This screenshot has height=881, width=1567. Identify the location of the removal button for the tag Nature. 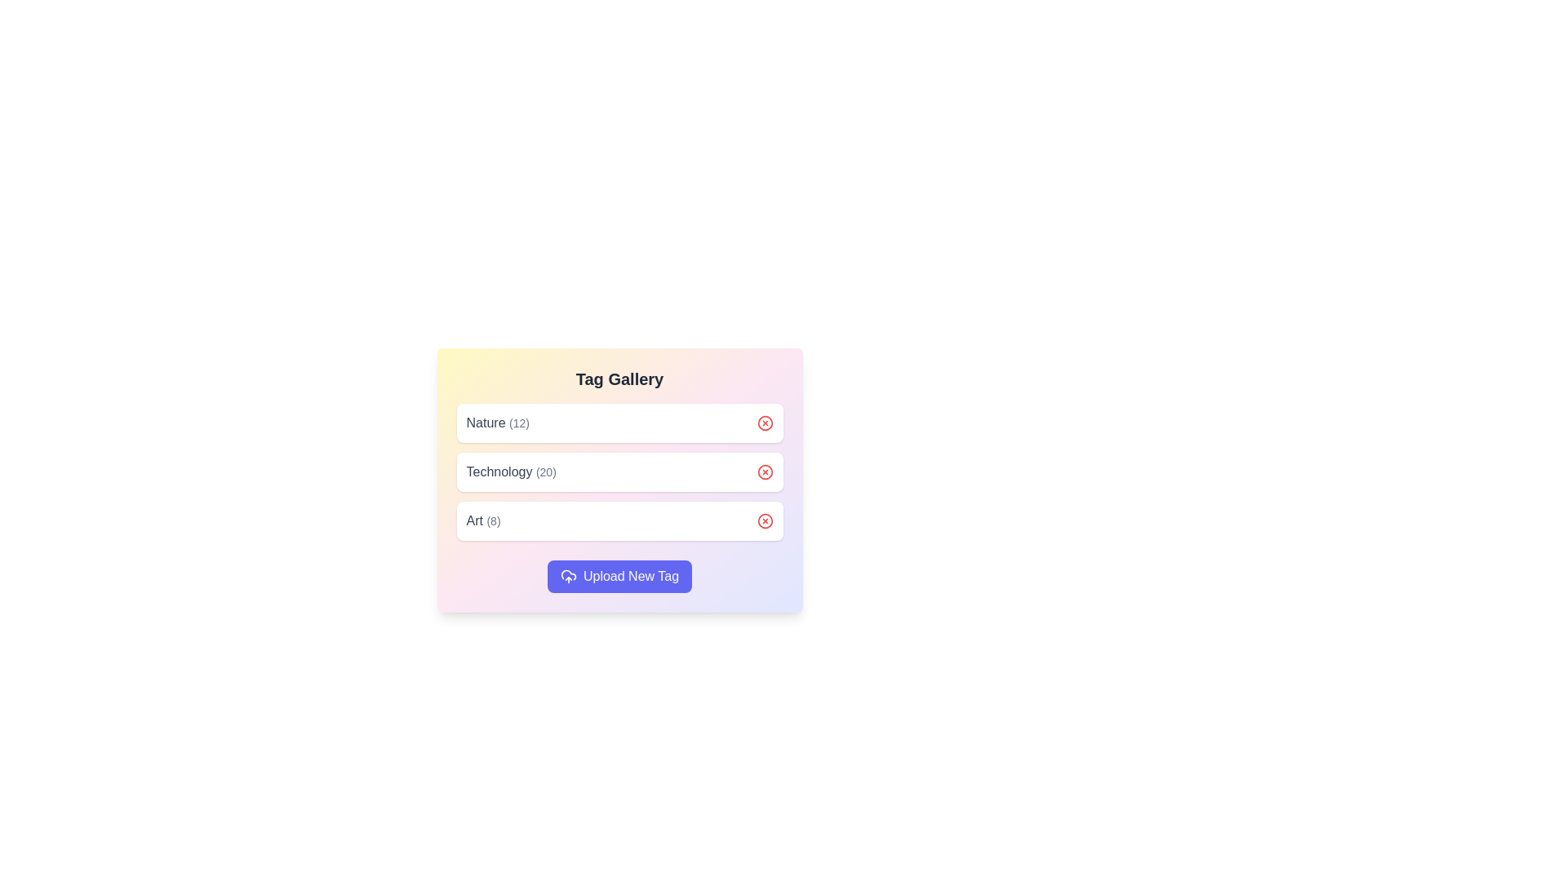
(764, 423).